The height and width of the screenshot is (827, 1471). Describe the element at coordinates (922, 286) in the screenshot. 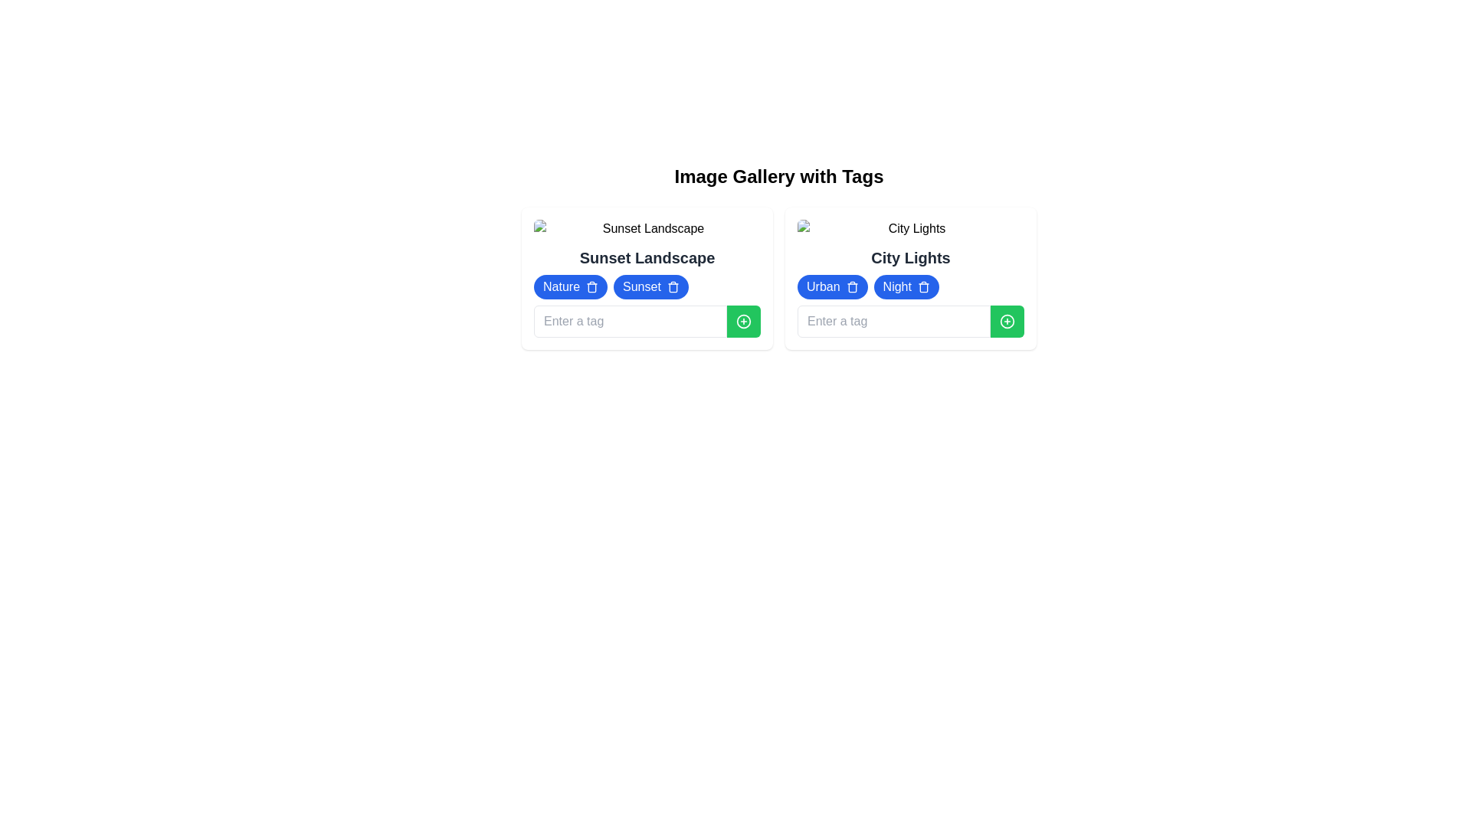

I see `the trash icon with a blue stroke color located within the 'Night' tag of the 'City Lights' card` at that location.